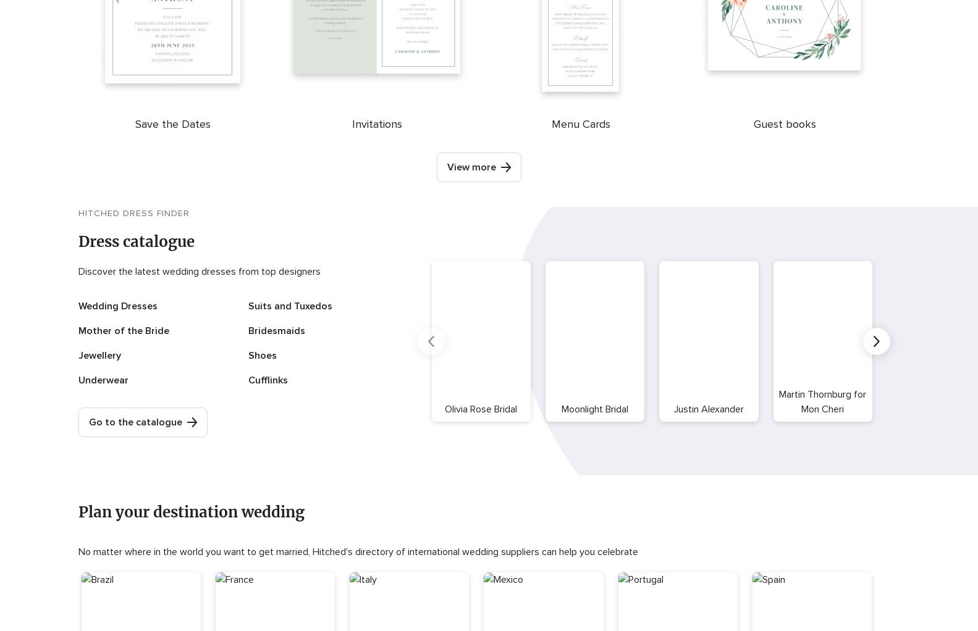  Describe the element at coordinates (133, 213) in the screenshot. I see `'Hitched dress finder'` at that location.